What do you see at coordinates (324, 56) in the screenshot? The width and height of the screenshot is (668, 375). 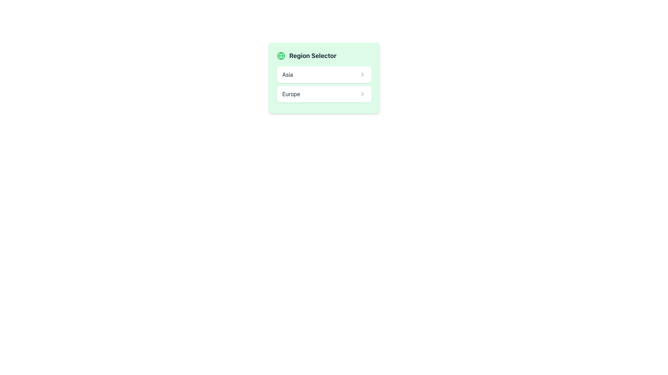 I see `the Header with Icon element that features a globe icon on the left and the text 'Region Selector' on the right, both aligned horizontally in a light green background` at bounding box center [324, 56].